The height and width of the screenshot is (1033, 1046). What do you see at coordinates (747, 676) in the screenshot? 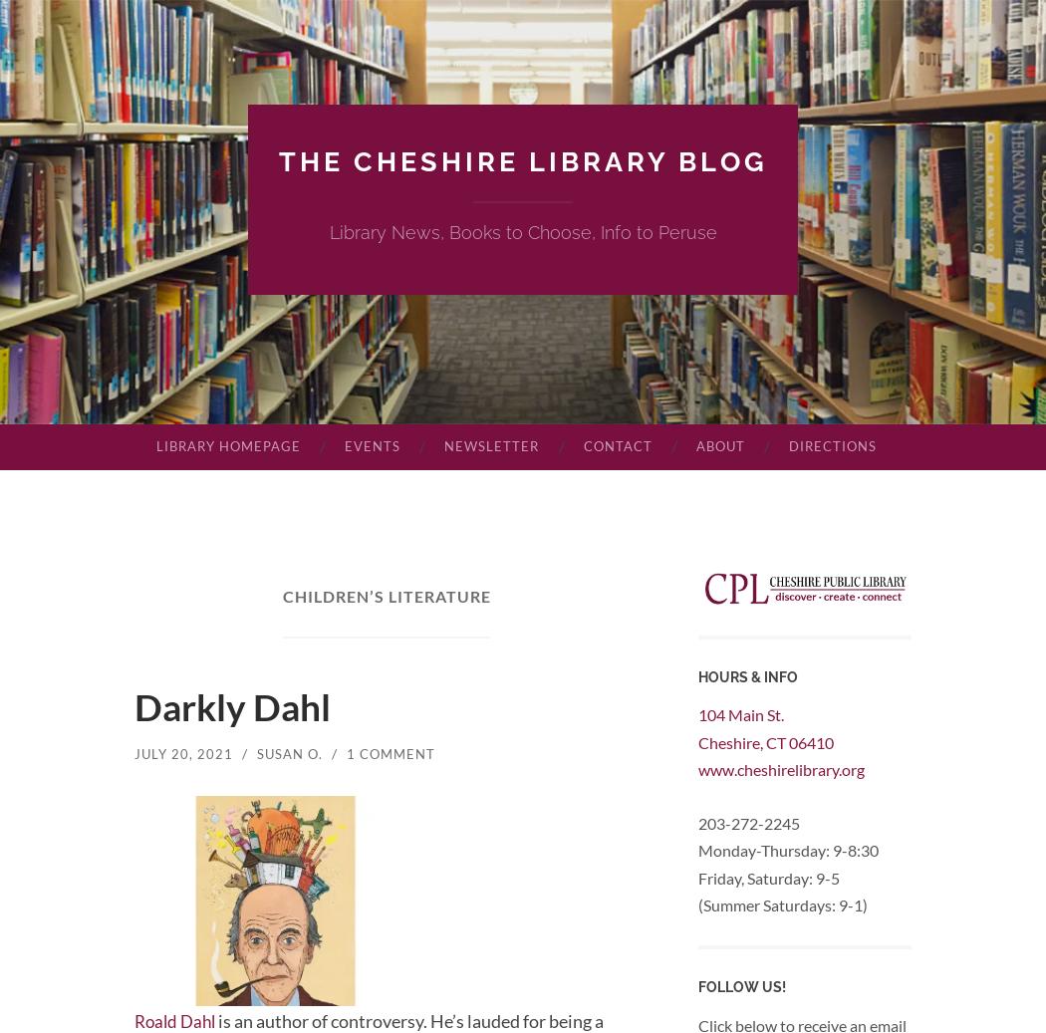
I see `'Hours & Info'` at bounding box center [747, 676].